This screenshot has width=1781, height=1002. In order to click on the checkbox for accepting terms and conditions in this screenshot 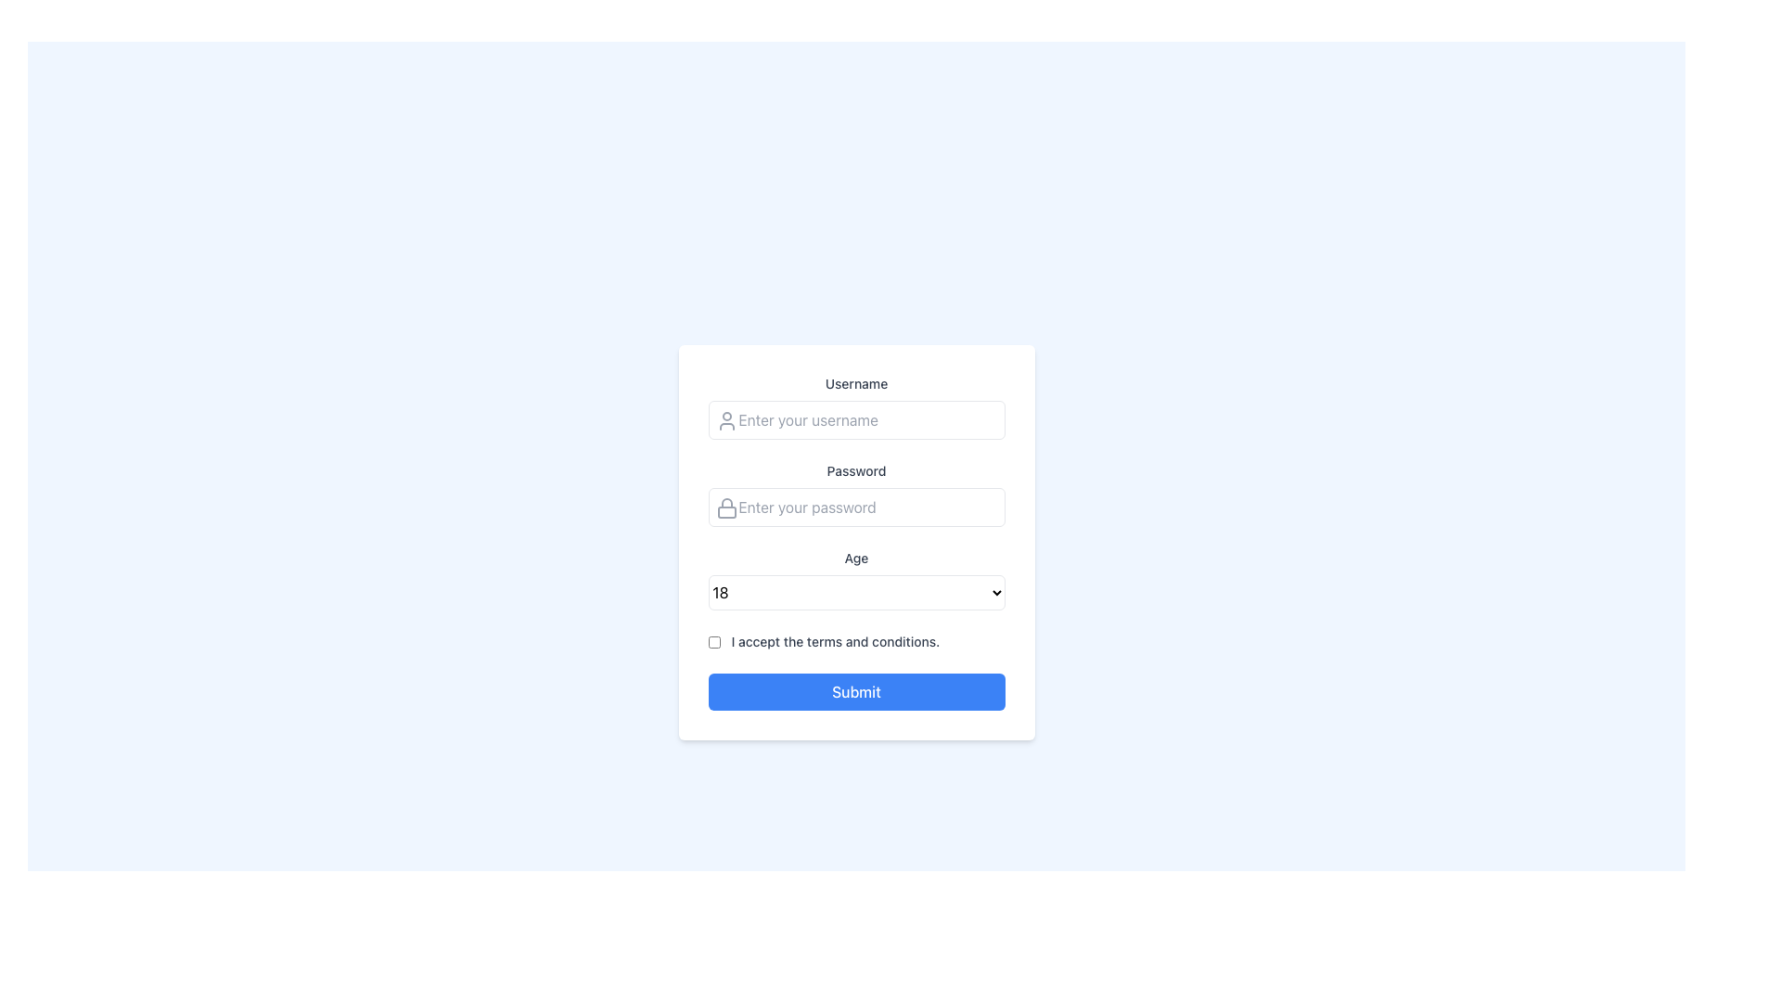, I will do `click(712, 640)`.